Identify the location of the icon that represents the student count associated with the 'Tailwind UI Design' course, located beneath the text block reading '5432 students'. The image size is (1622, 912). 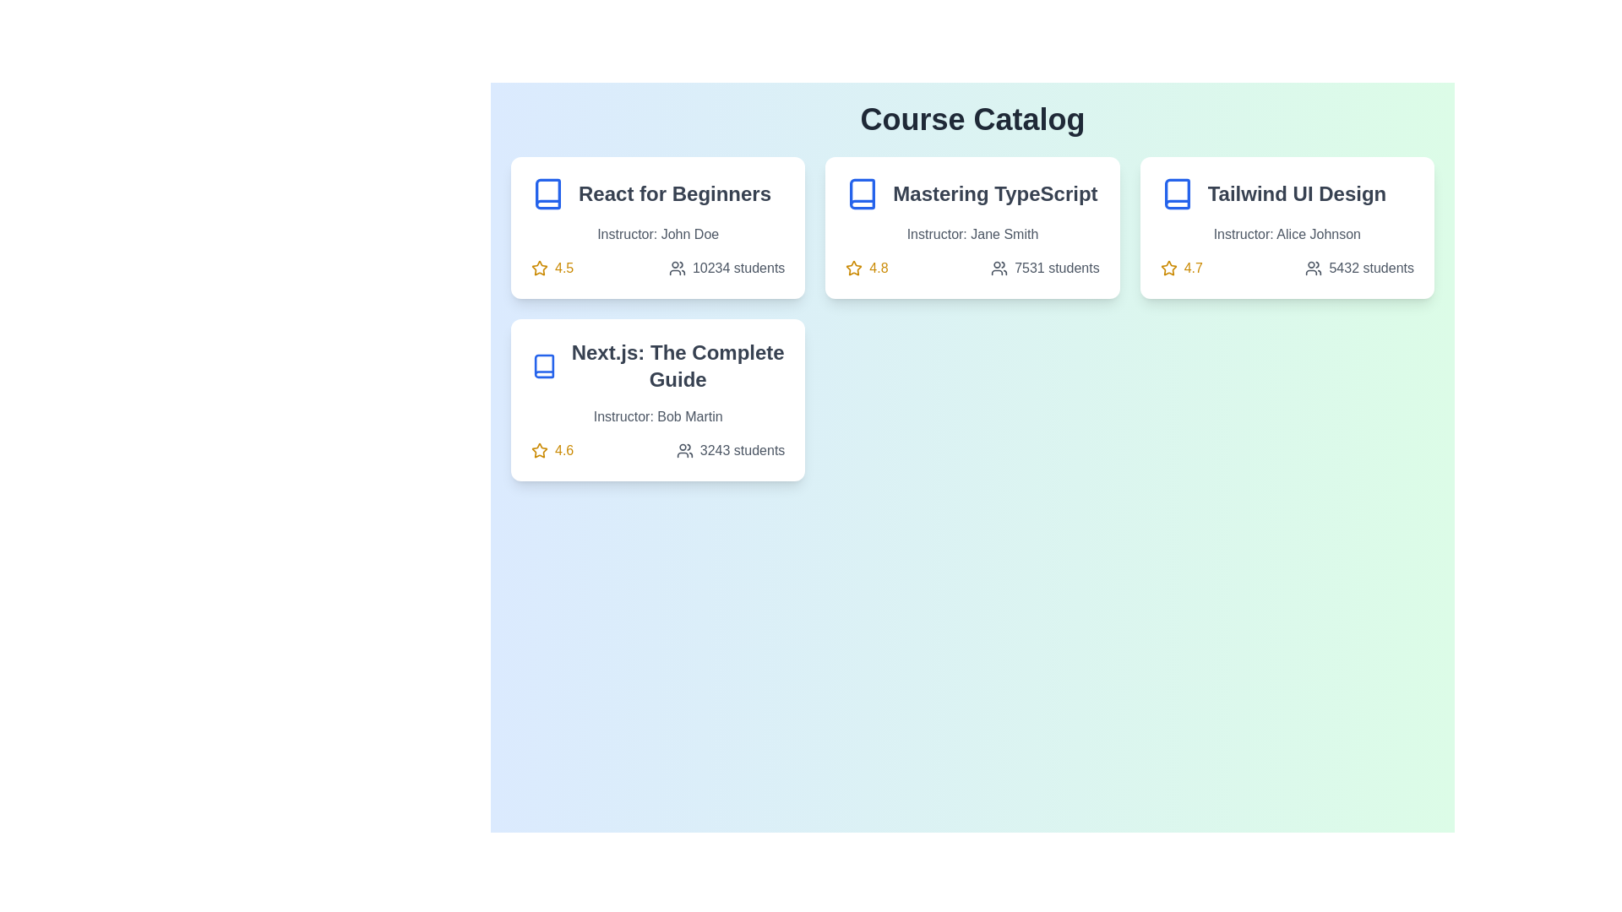
(1313, 267).